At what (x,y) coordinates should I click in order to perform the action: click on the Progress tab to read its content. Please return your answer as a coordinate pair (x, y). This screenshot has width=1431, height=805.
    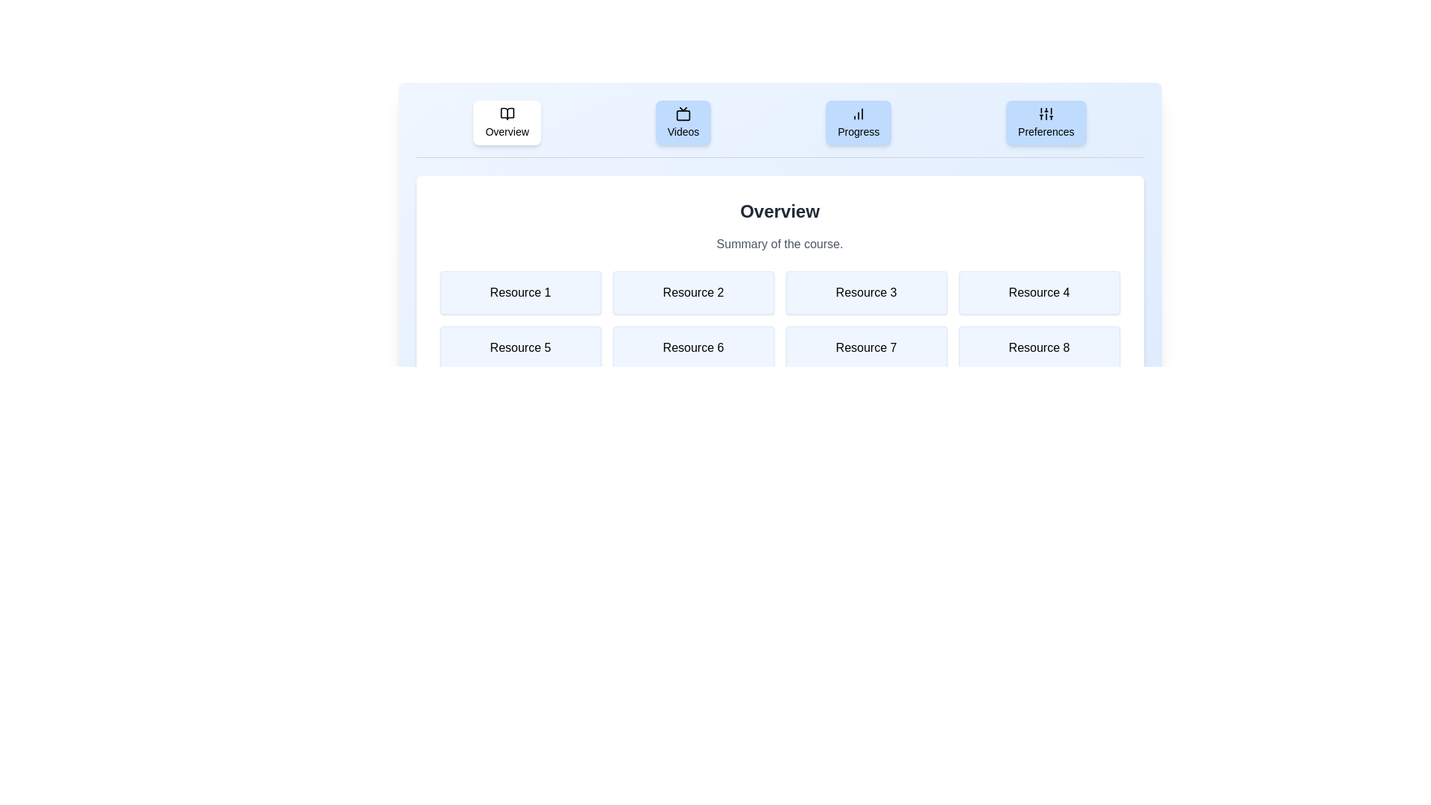
    Looking at the image, I should click on (859, 122).